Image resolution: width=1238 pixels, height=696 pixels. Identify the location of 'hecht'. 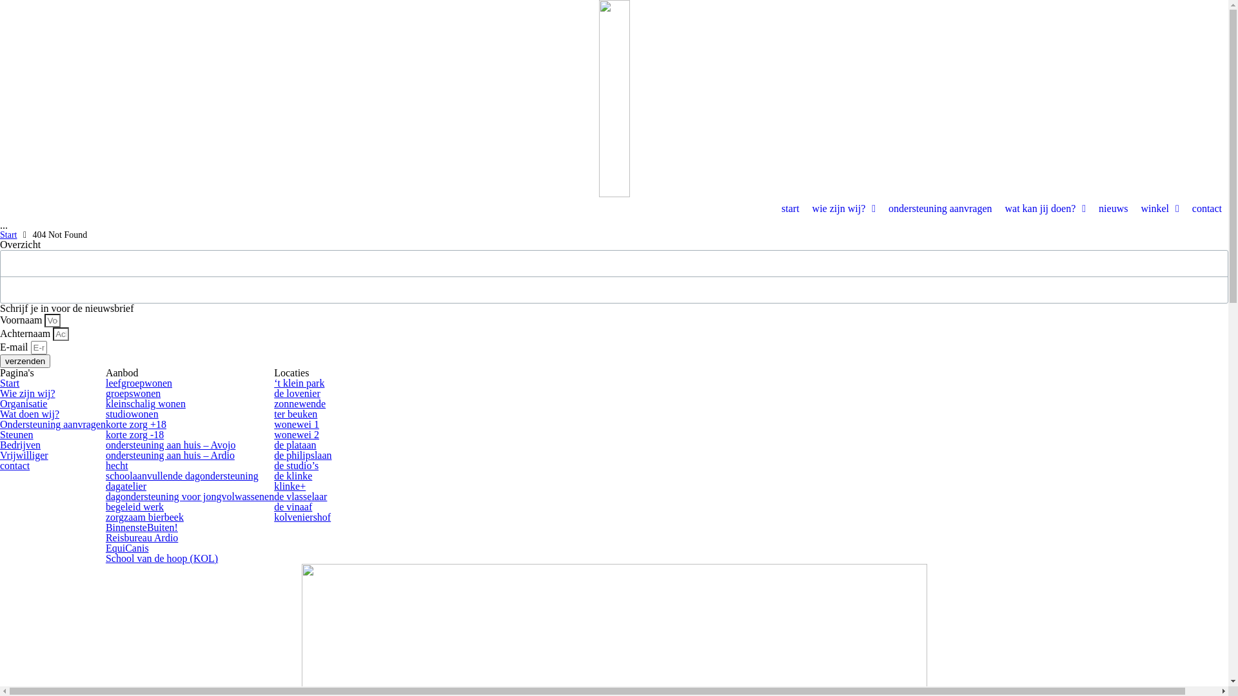
(117, 465).